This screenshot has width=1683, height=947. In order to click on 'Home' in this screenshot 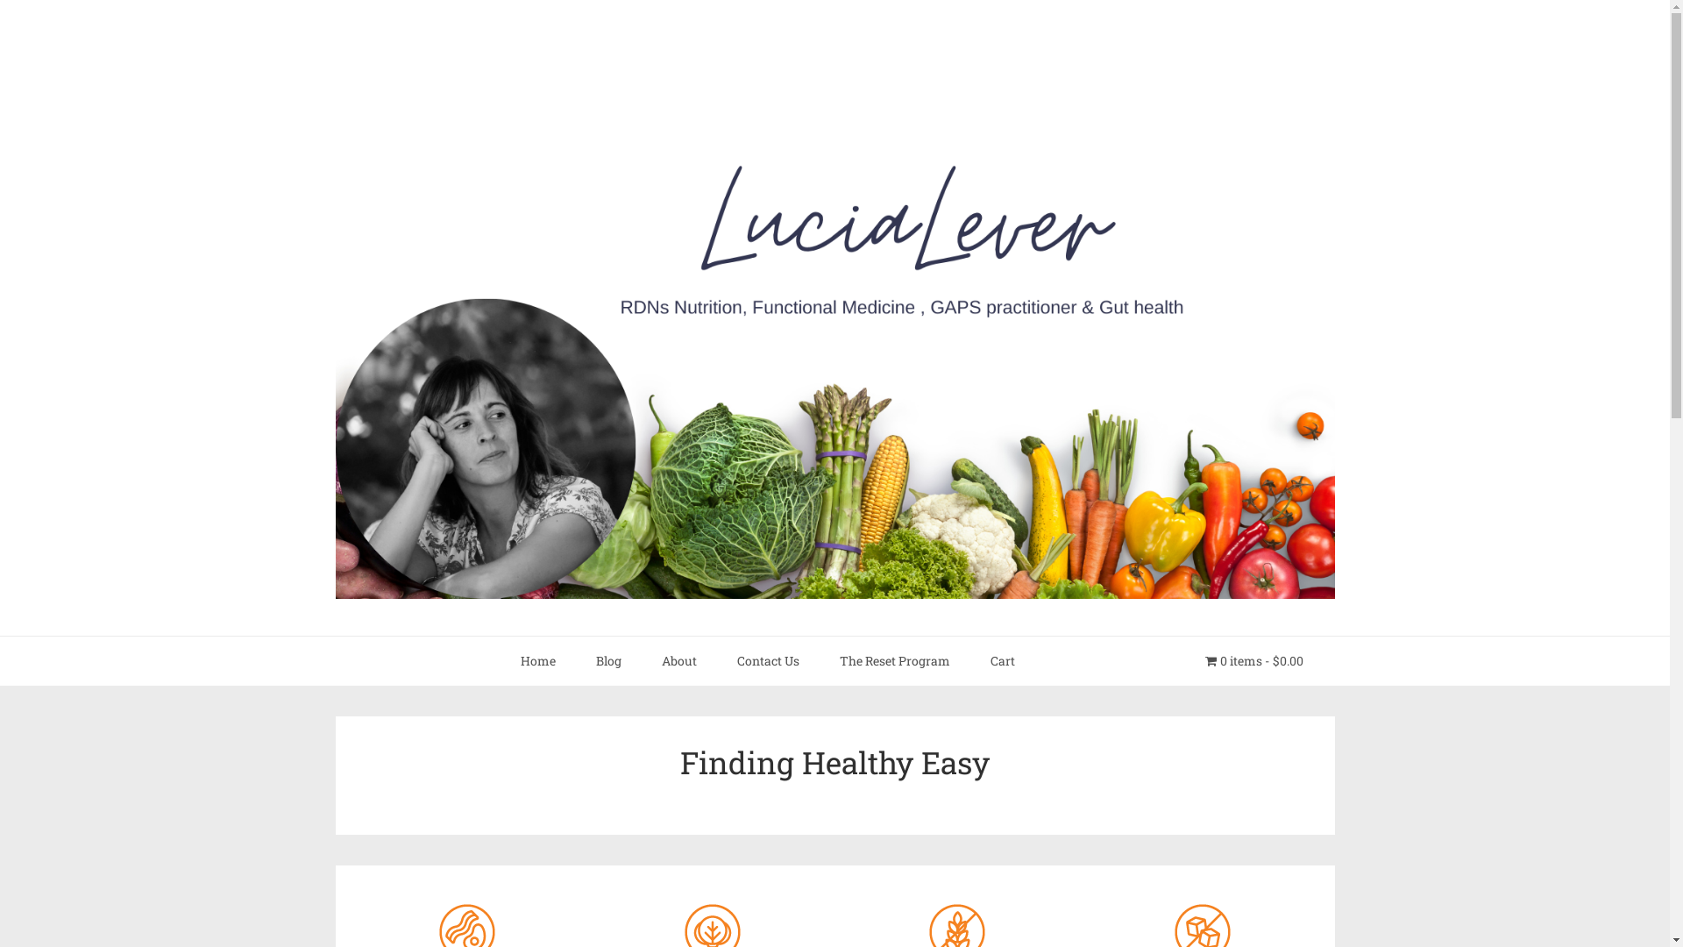, I will do `click(501, 660)`.